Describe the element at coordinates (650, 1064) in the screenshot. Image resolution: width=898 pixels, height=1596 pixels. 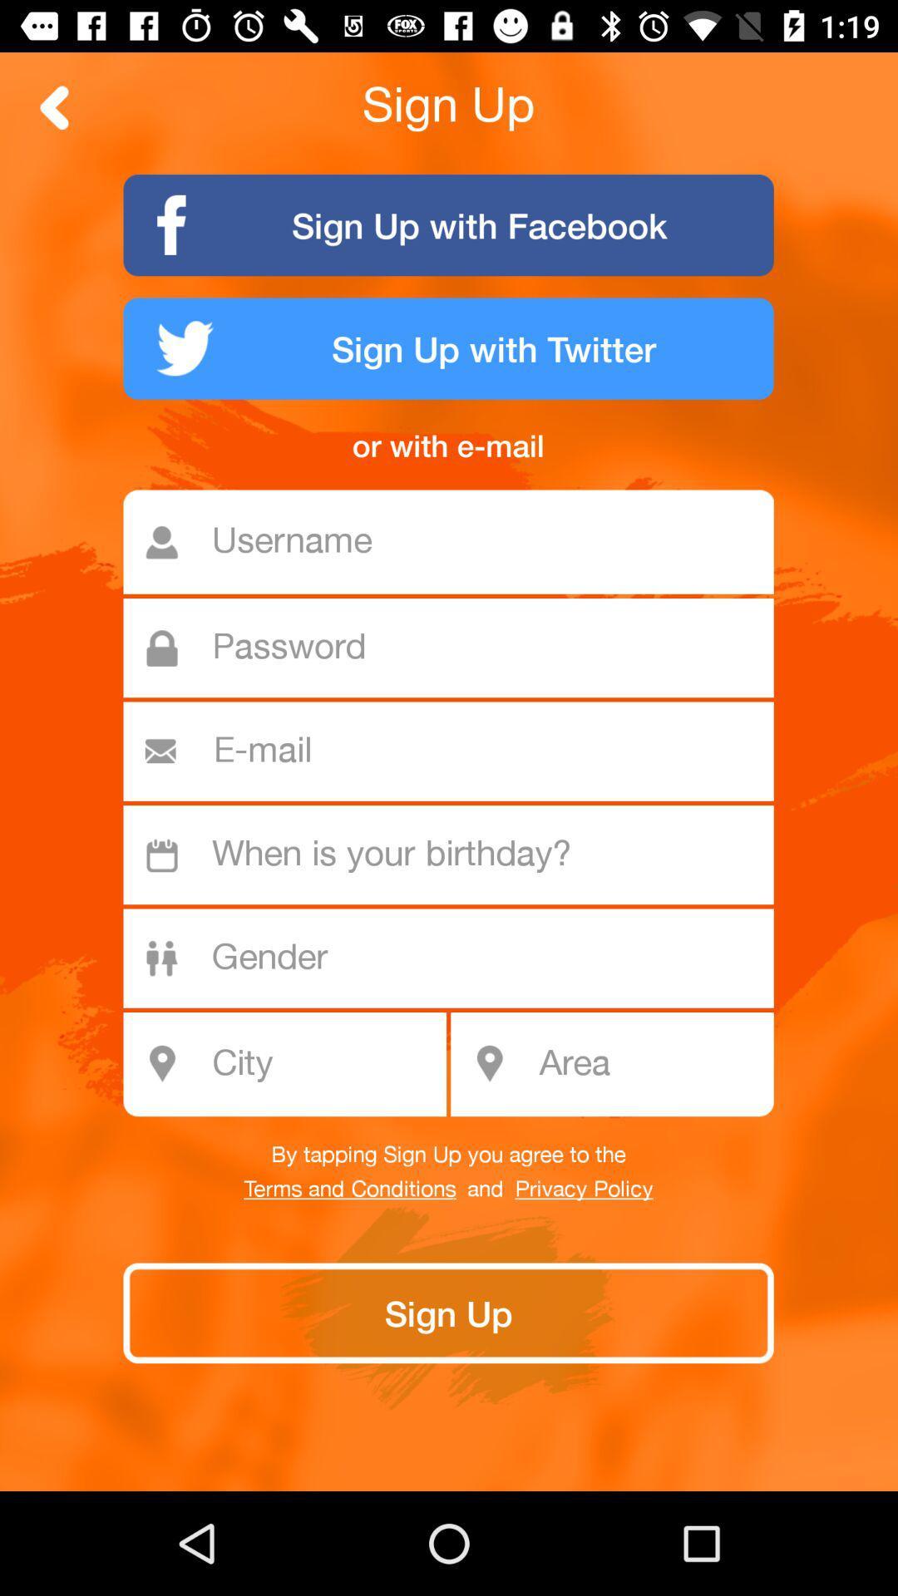
I see `icon above by tapping sign icon` at that location.